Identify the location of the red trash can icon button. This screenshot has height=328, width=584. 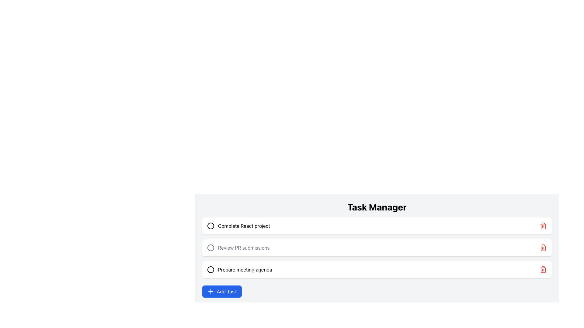
(543, 248).